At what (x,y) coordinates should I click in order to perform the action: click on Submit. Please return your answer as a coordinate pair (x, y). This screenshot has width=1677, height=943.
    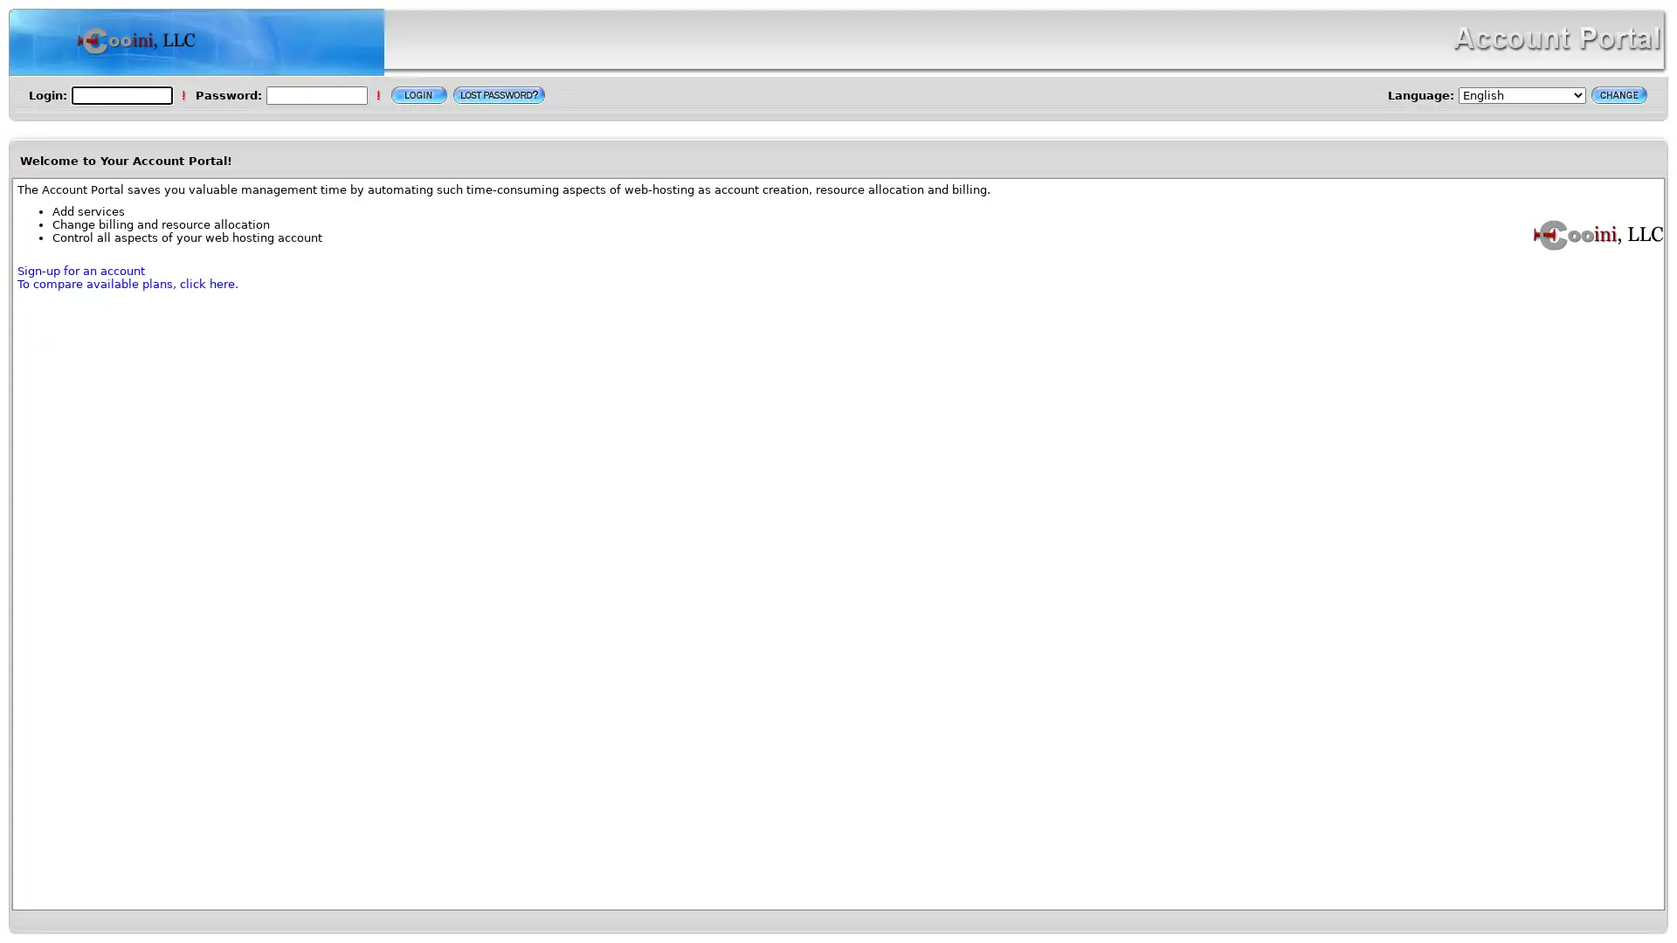
    Looking at the image, I should click on (1618, 95).